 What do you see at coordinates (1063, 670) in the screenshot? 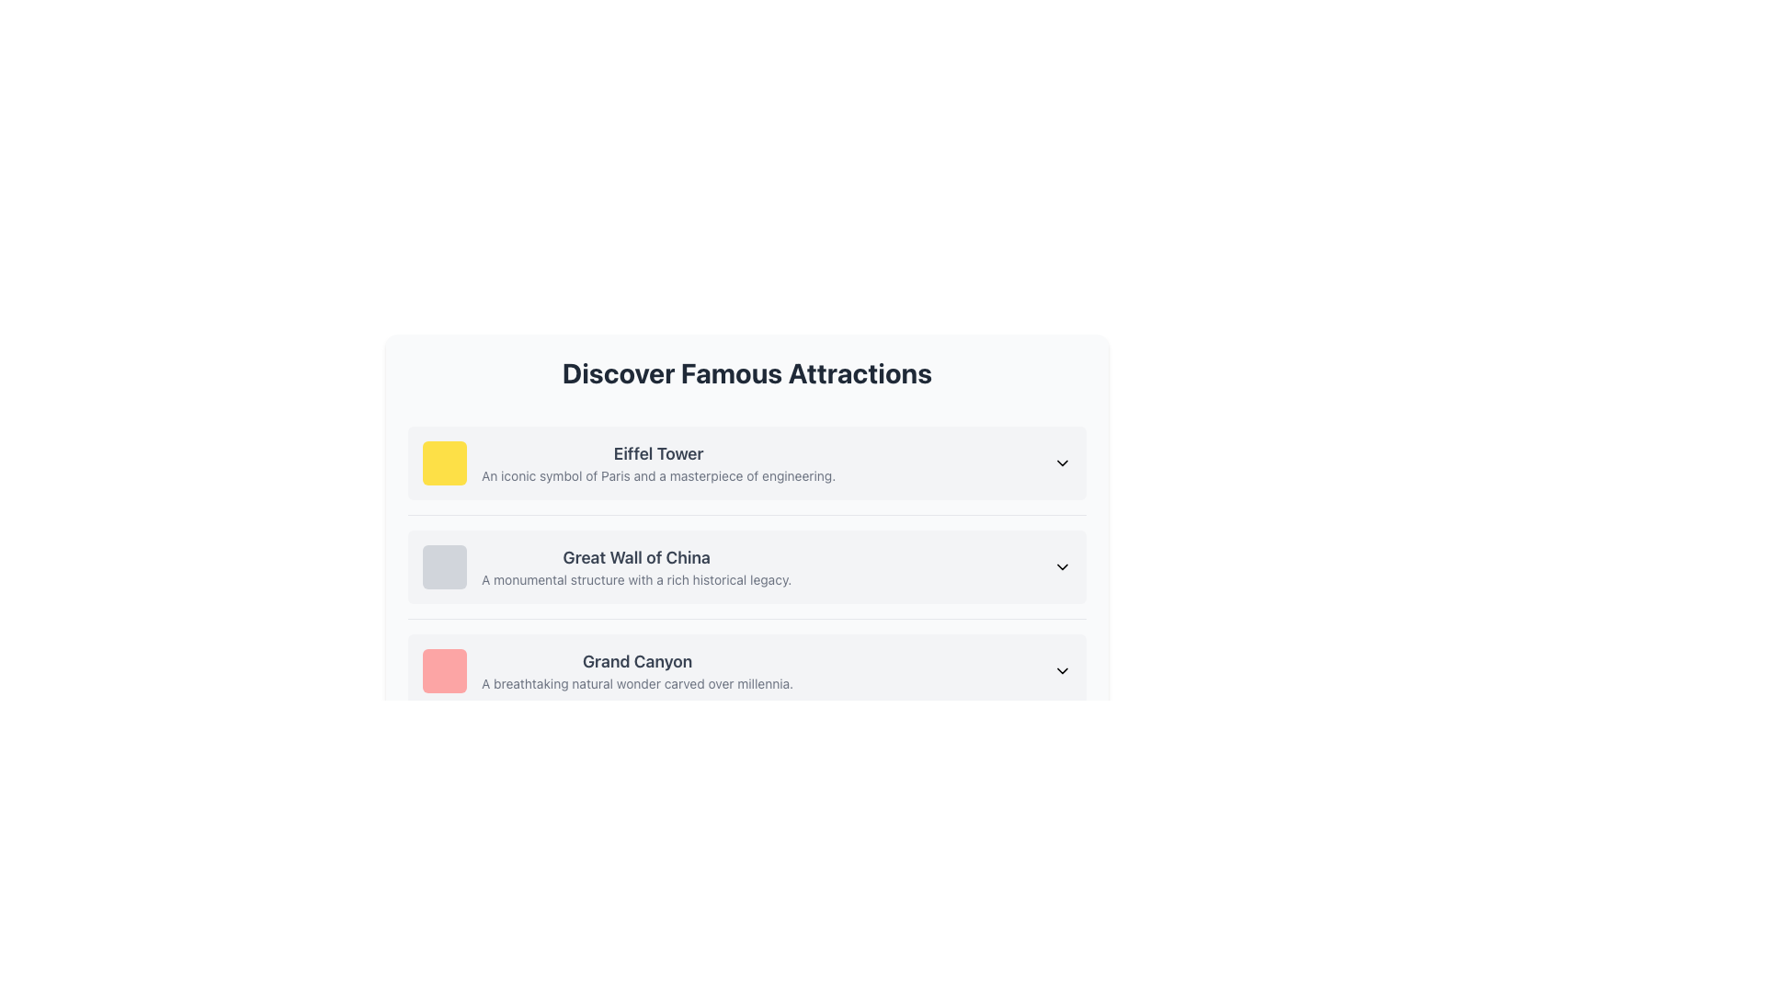
I see `the chevron-down arrow icon at the far-right end of the 'Grand Canyon' item` at bounding box center [1063, 670].